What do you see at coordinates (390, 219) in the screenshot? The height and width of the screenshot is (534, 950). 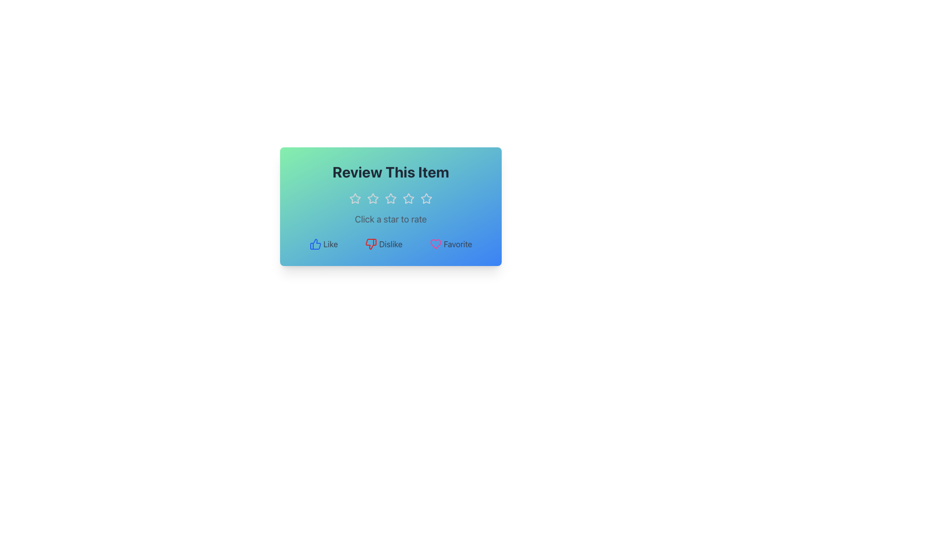 I see `the descriptive text label that provides instructional text for the rating feature, located centrally below the star icons and above the buttons labeled 'Like,' 'Dislike,' and 'Favorite.'` at bounding box center [390, 219].